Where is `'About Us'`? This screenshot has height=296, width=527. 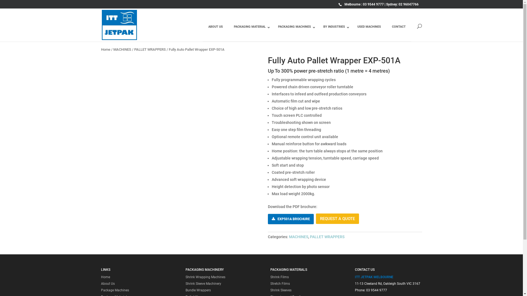
'About Us' is located at coordinates (108, 283).